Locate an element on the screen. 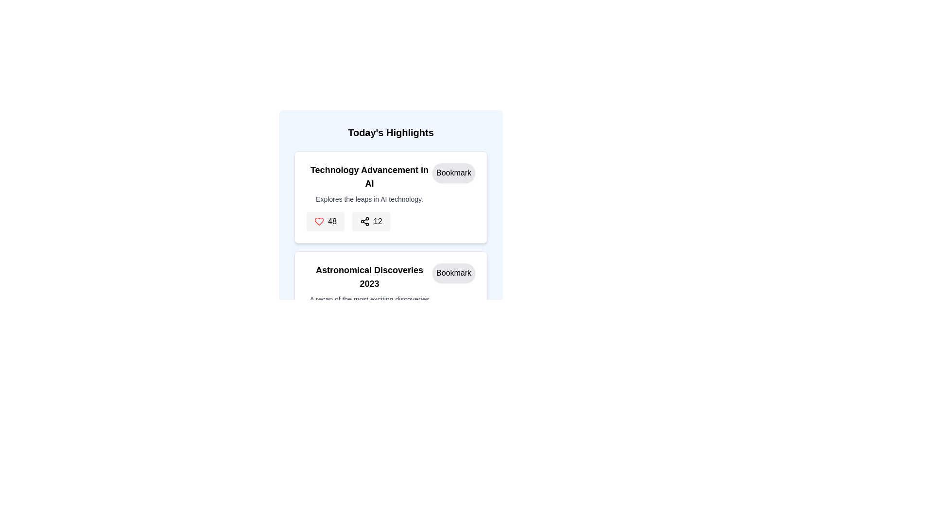 The image size is (933, 525). the compact rectangular button with a light gray background and a share icon followed by the number '12' is located at coordinates (370, 221).